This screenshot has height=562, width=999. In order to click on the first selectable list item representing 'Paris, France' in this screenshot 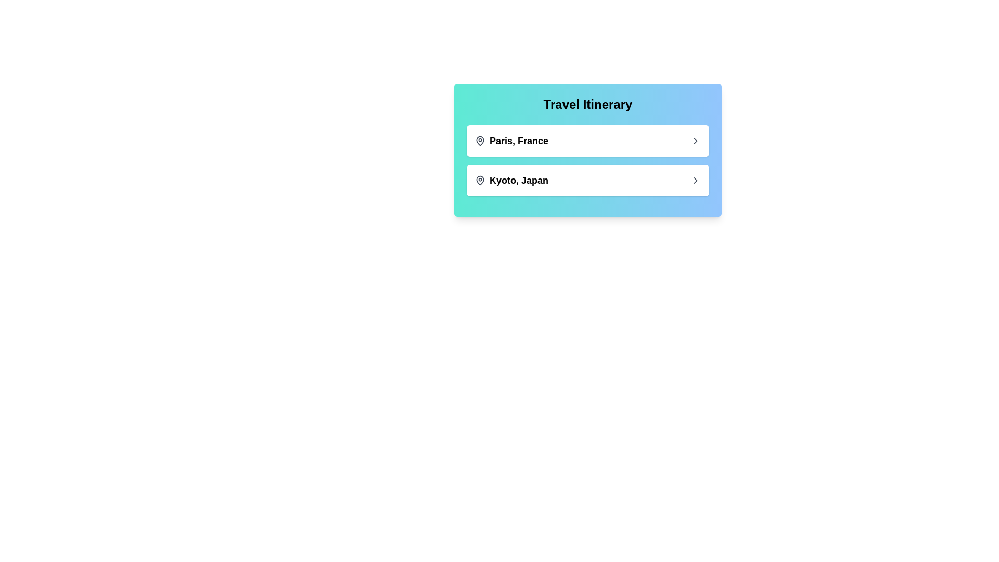, I will do `click(587, 140)`.